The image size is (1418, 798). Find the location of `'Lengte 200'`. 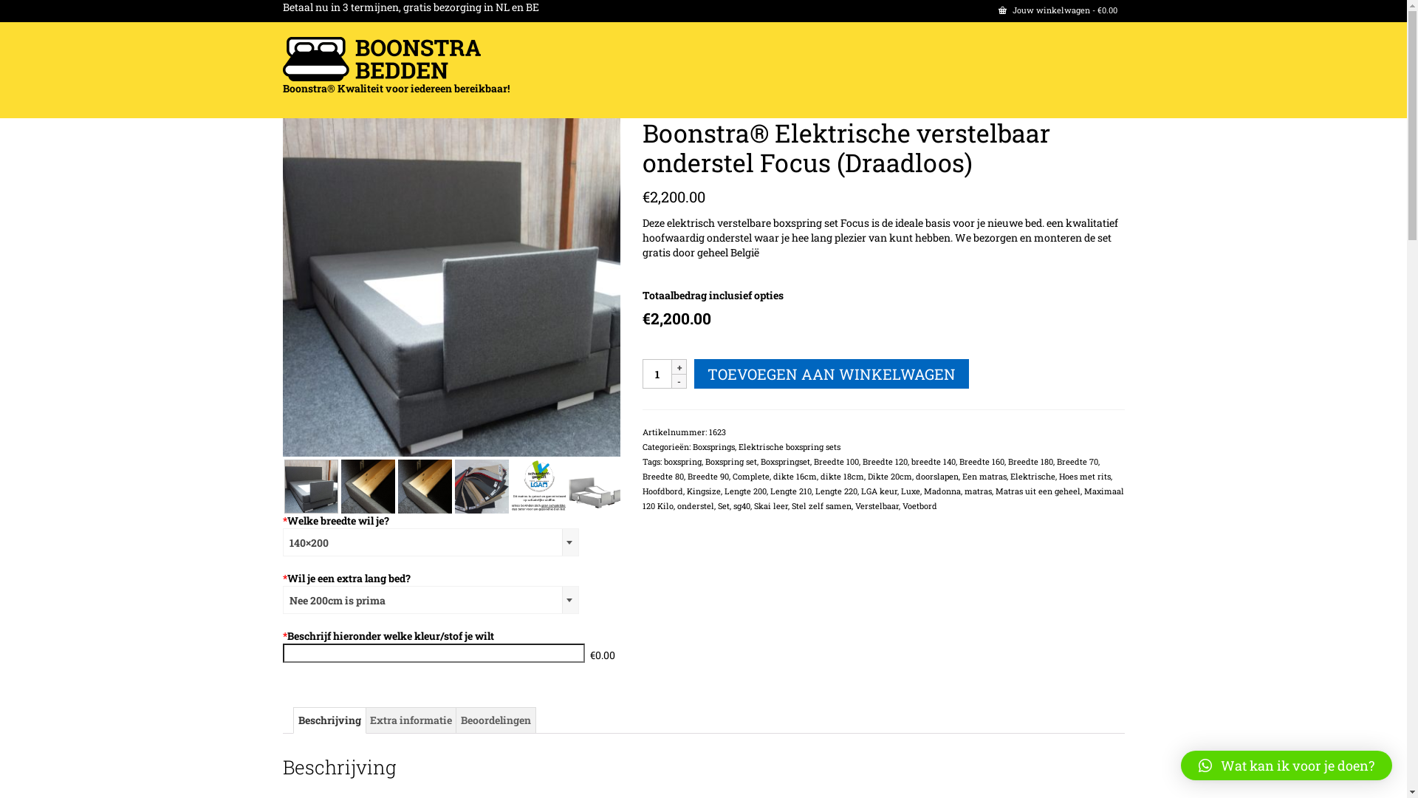

'Lengte 200' is located at coordinates (745, 491).